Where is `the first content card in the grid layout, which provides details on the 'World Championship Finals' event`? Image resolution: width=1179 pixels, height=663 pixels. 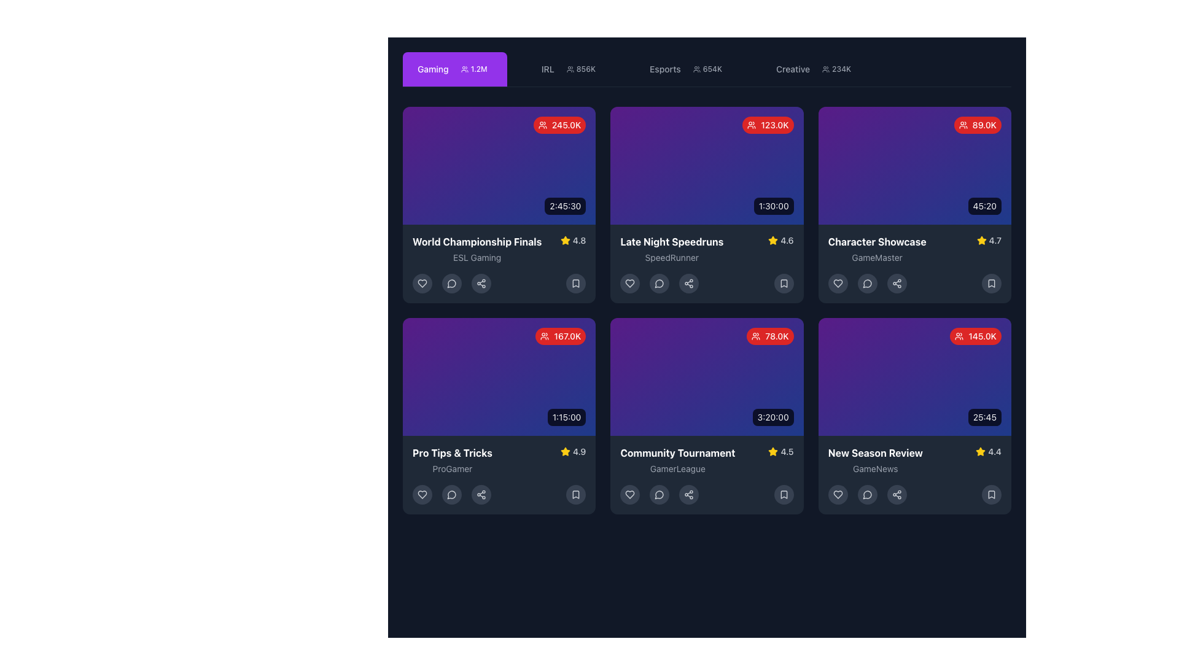
the first content card in the grid layout, which provides details on the 'World Championship Finals' event is located at coordinates (499, 204).